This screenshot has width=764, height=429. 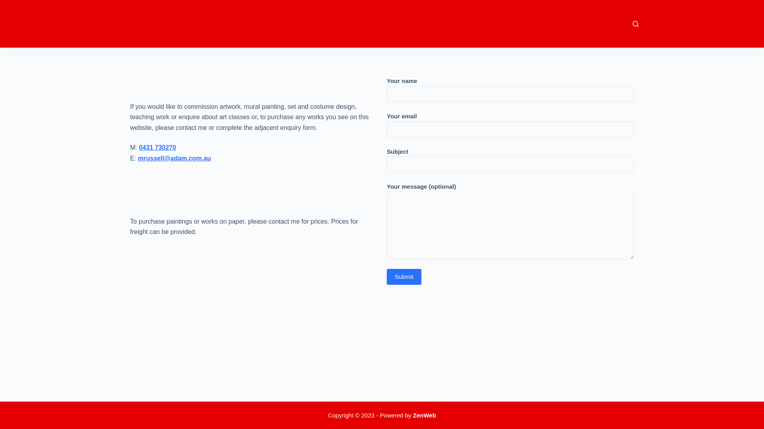 What do you see at coordinates (413, 414) in the screenshot?
I see `'ZenWeb'` at bounding box center [413, 414].